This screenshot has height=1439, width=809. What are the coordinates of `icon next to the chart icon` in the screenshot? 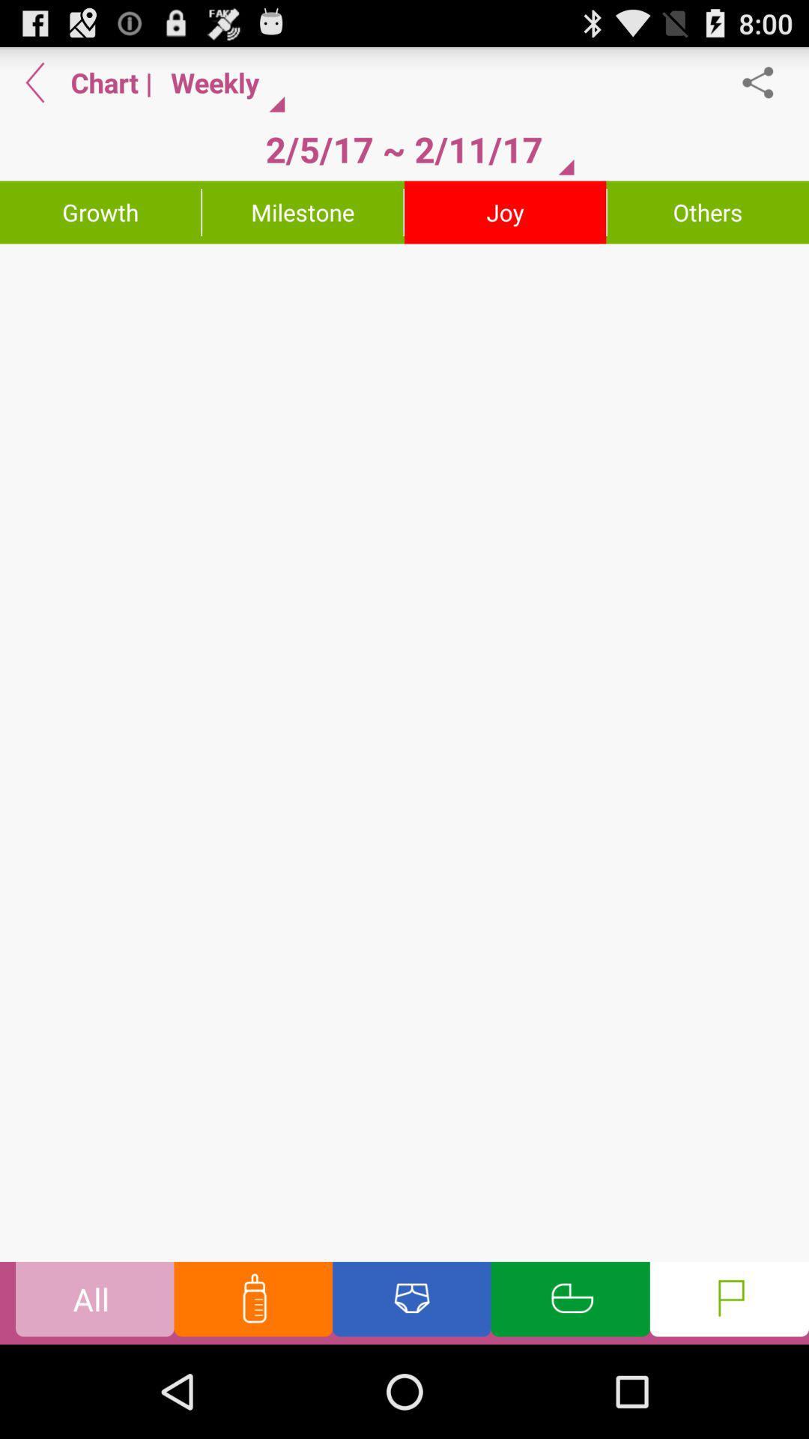 It's located at (34, 82).